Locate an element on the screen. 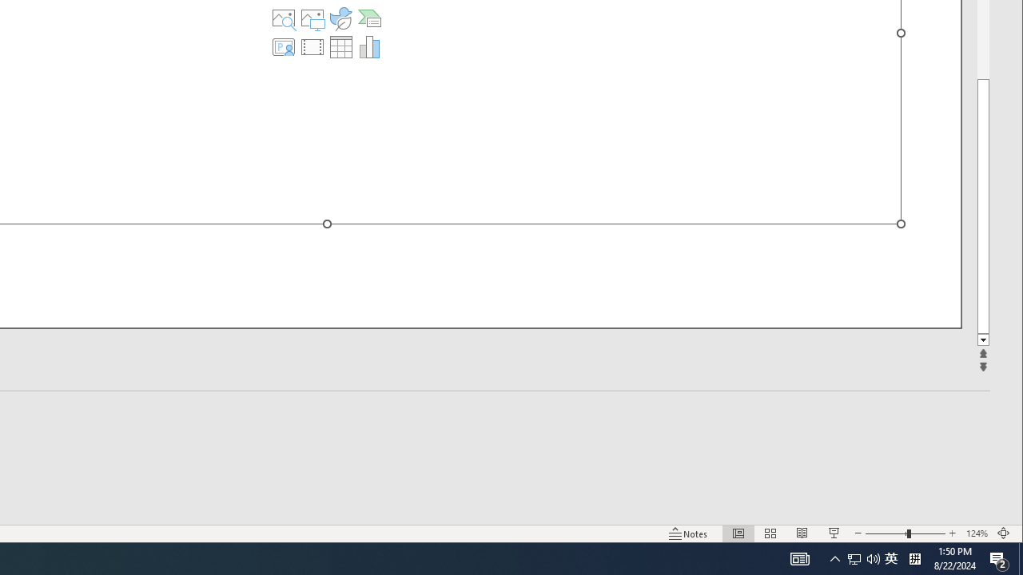 The width and height of the screenshot is (1023, 575). 'Insert Table' is located at coordinates (340, 46).